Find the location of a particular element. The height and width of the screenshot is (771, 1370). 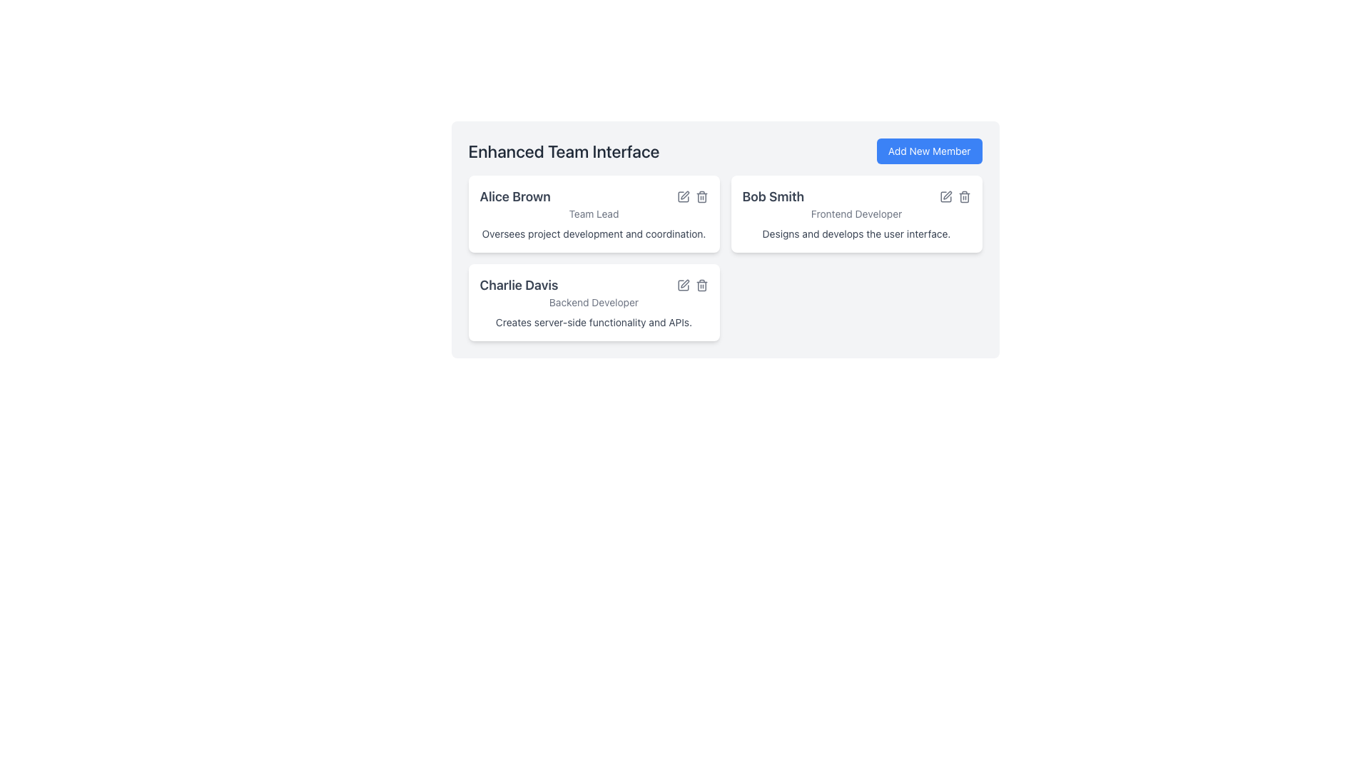

the delete icon button located in the 'Bob Smith' card is located at coordinates (964, 197).